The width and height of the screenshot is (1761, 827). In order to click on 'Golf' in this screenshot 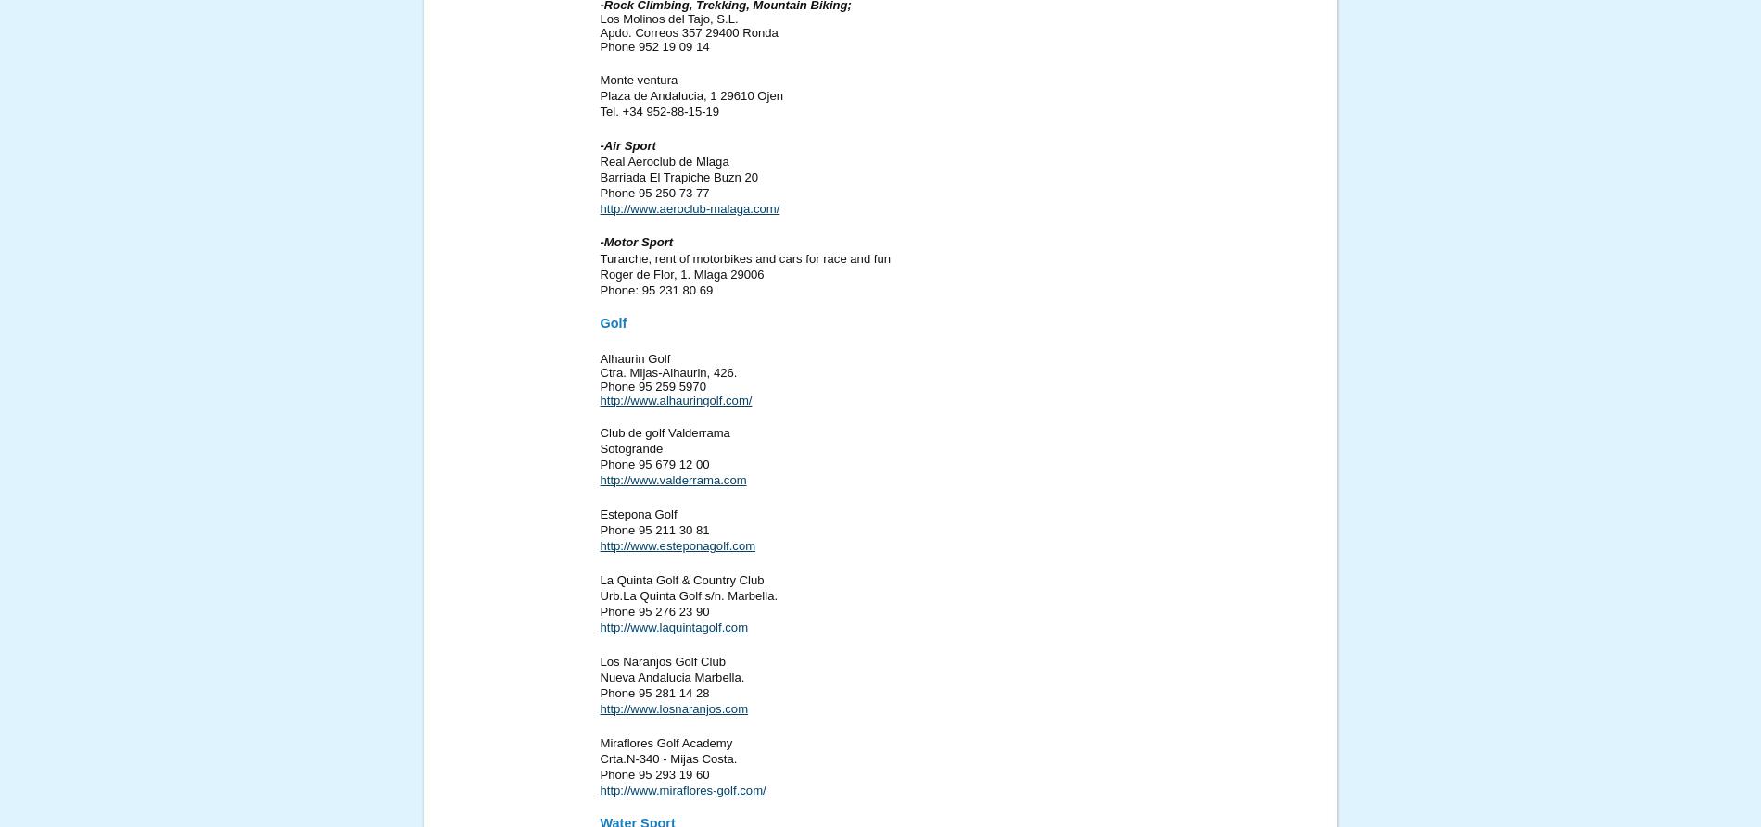, I will do `click(613, 322)`.